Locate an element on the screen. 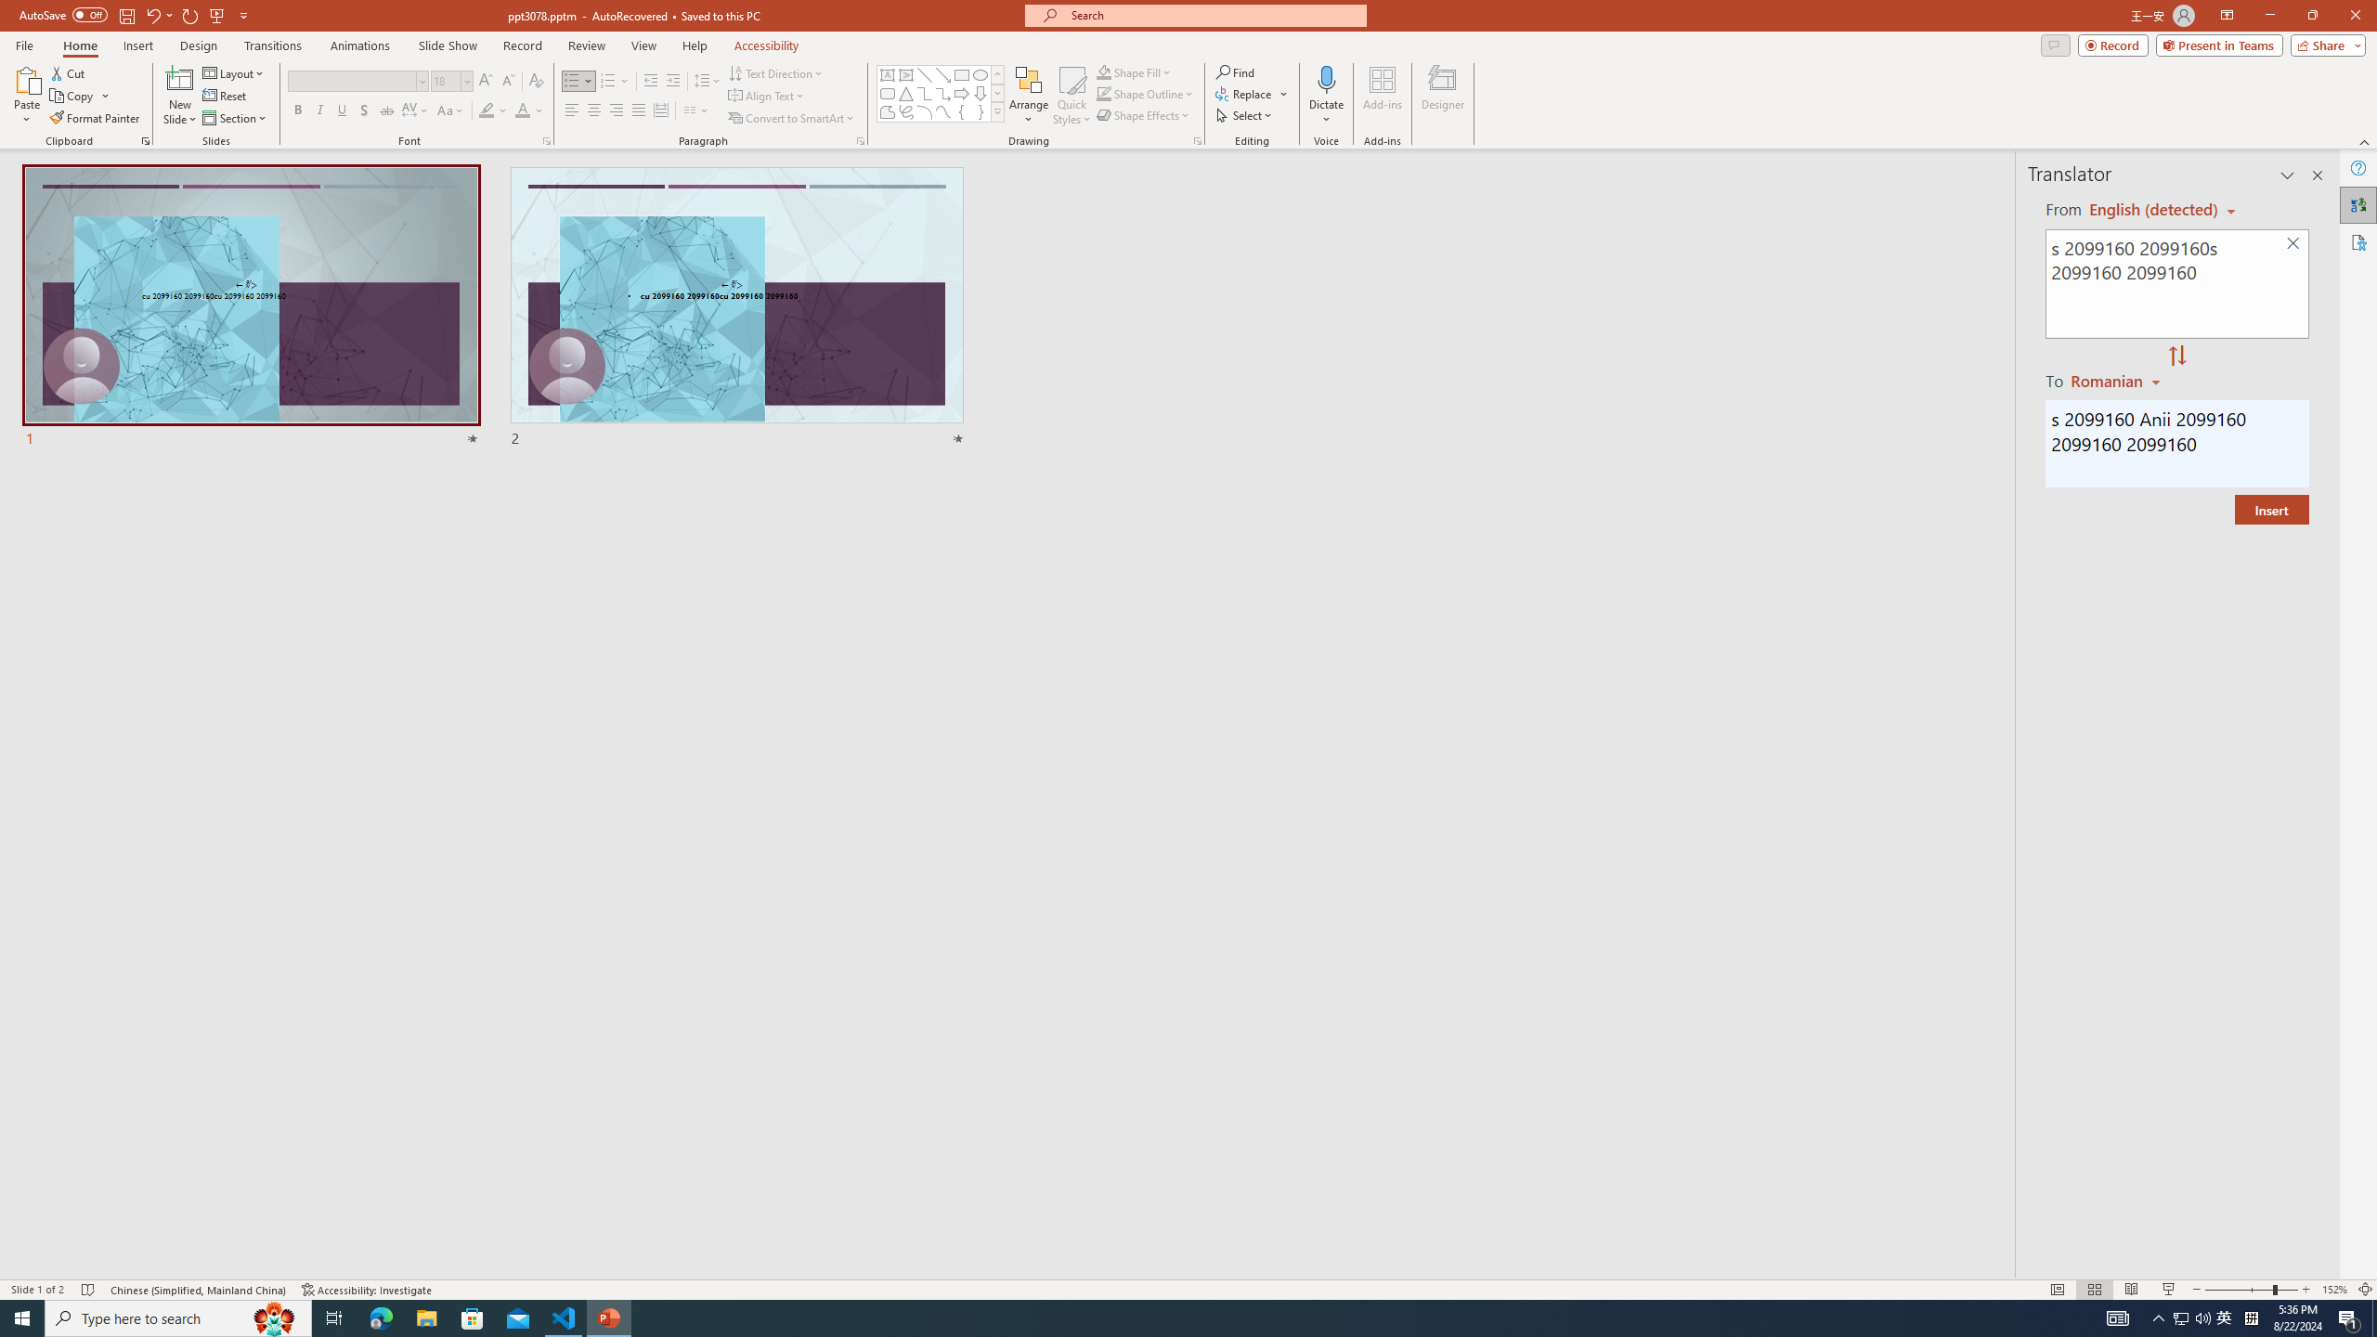 This screenshot has height=1337, width=2377. 'Text Box' is located at coordinates (887, 74).